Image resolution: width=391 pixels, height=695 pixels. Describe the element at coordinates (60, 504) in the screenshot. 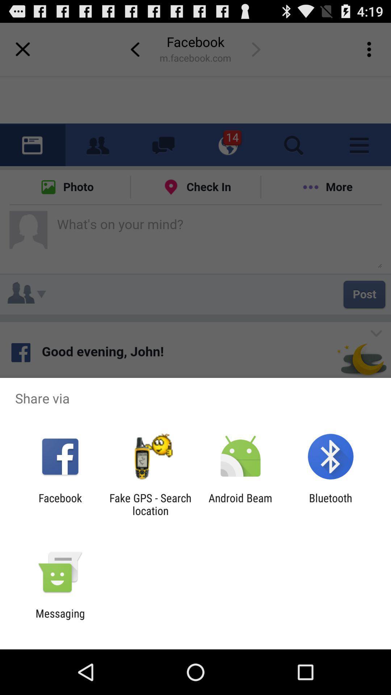

I see `app to the left of fake gps search app` at that location.